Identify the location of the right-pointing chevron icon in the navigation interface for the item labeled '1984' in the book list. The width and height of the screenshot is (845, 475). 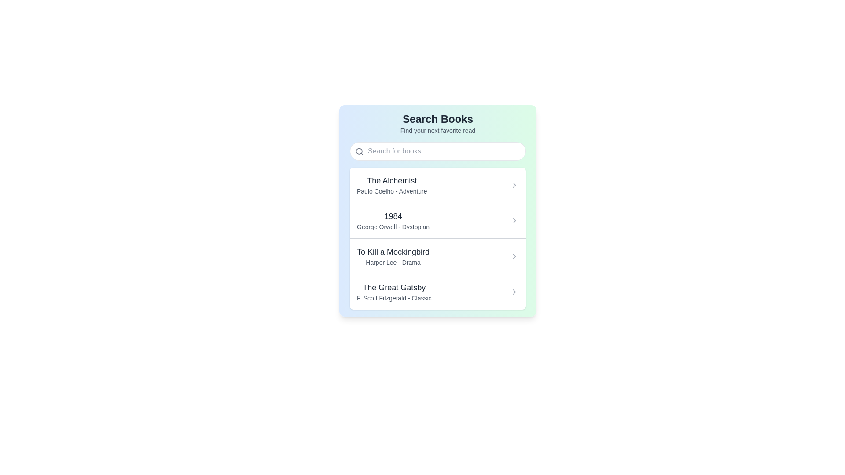
(514, 184).